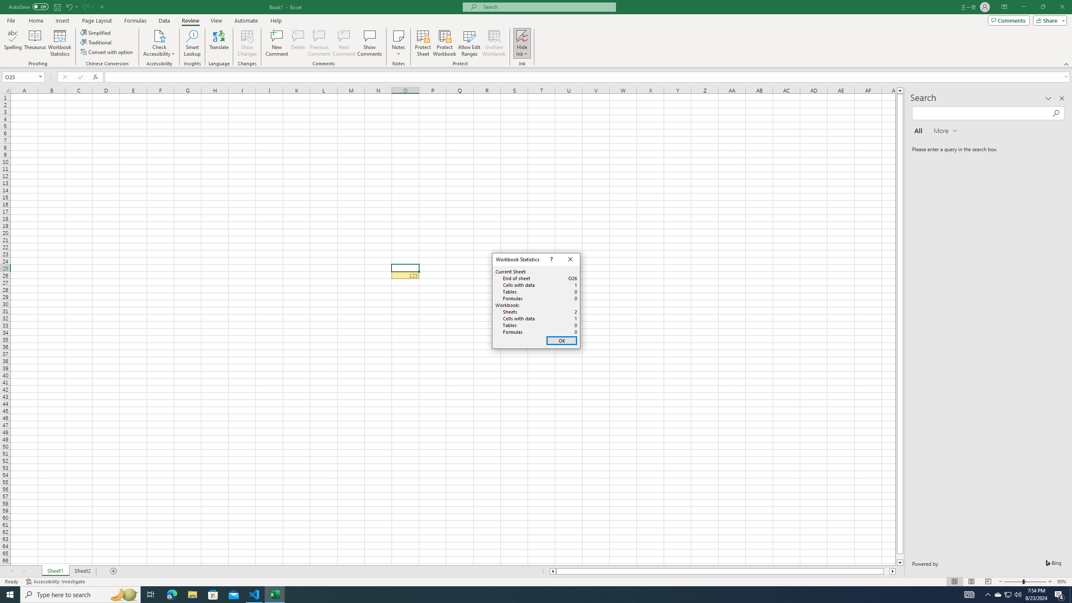 The image size is (1072, 603). What do you see at coordinates (969, 594) in the screenshot?
I see `'AutomationID: 4105'` at bounding box center [969, 594].